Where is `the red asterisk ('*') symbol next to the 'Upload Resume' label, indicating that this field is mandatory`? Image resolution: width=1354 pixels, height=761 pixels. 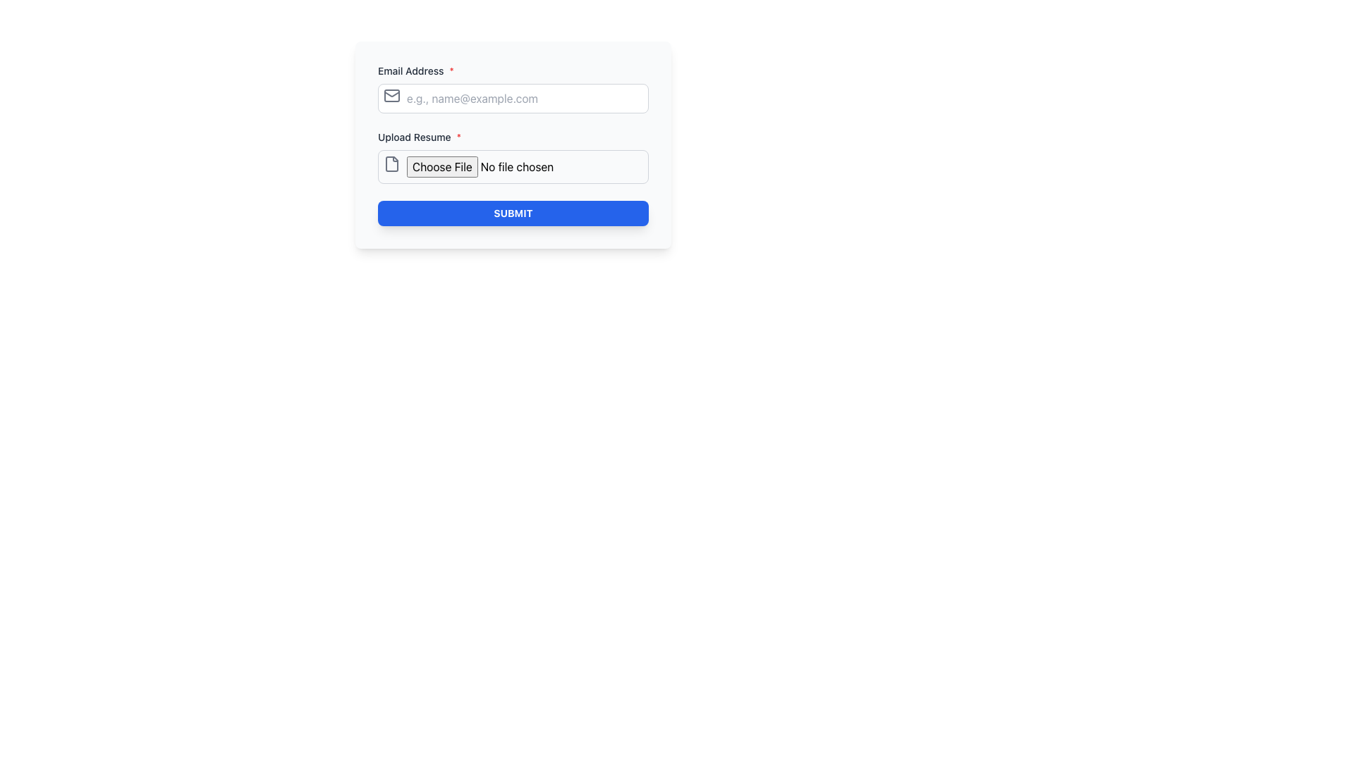
the red asterisk ('*') symbol next to the 'Upload Resume' label, indicating that this field is mandatory is located at coordinates (458, 137).